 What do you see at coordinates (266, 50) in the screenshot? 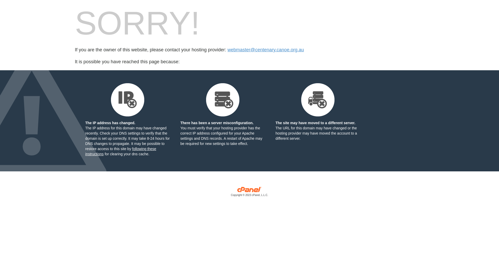
I see `'webmaster@centenary.canoe.org.au'` at bounding box center [266, 50].